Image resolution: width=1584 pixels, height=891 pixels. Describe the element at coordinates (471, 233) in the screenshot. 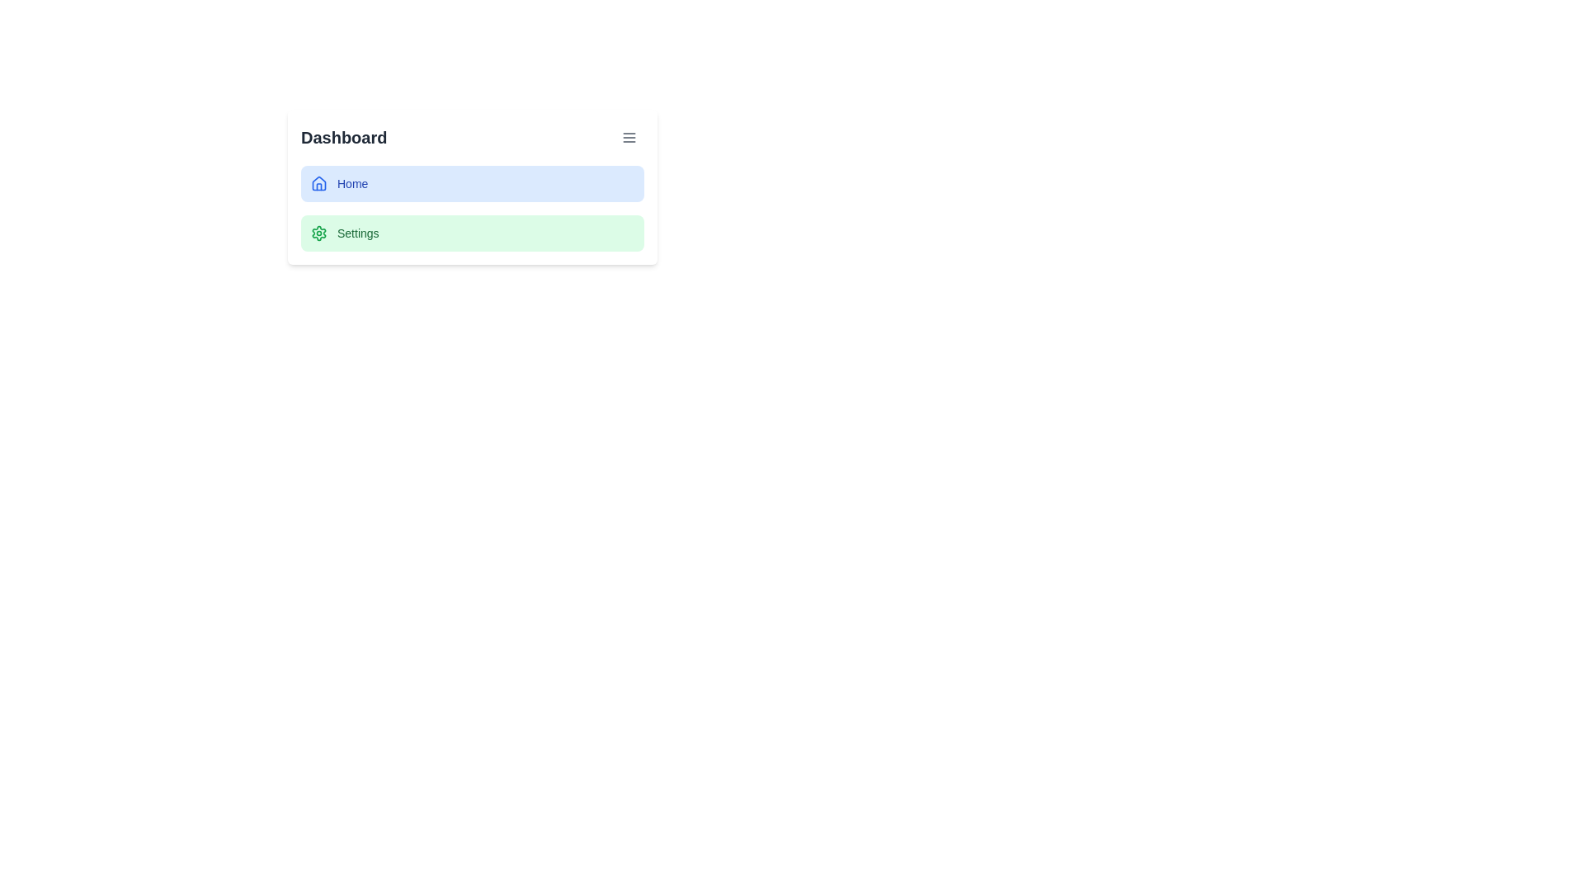

I see `the 'Settings' button` at that location.